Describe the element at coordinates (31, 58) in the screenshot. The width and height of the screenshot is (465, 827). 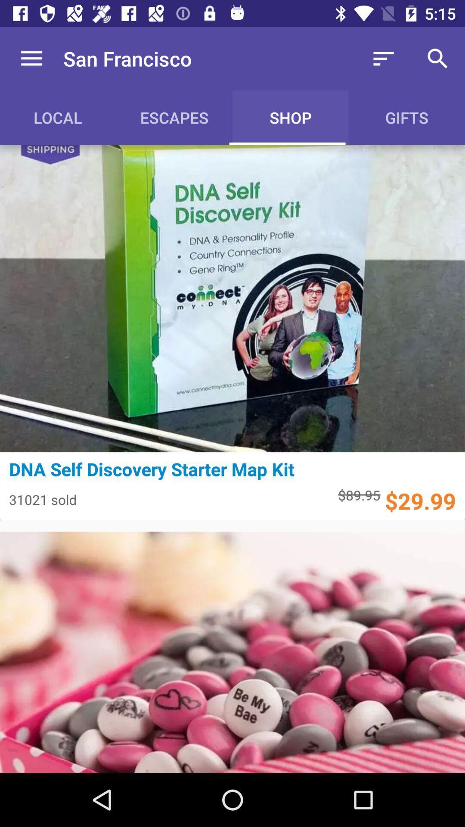
I see `the item to the left of the san francisco icon` at that location.